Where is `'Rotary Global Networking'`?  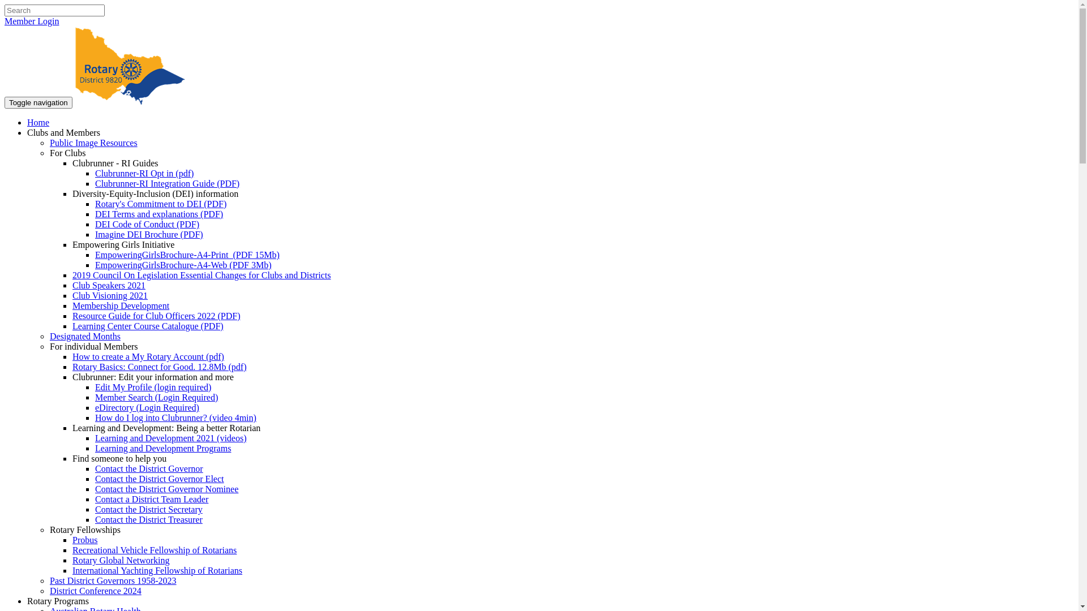 'Rotary Global Networking' is located at coordinates (72, 560).